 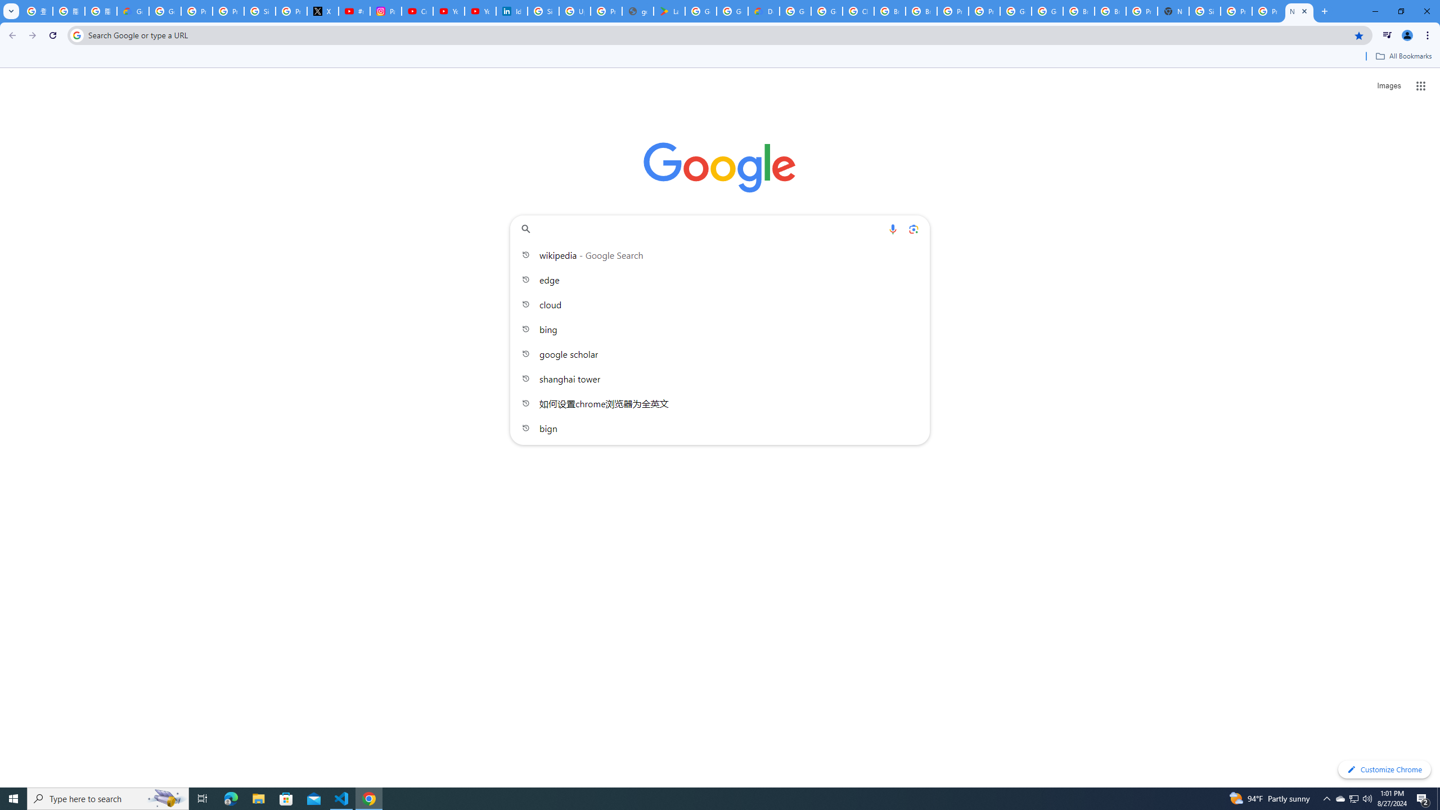 I want to click on 'Search icon', so click(x=76, y=34).